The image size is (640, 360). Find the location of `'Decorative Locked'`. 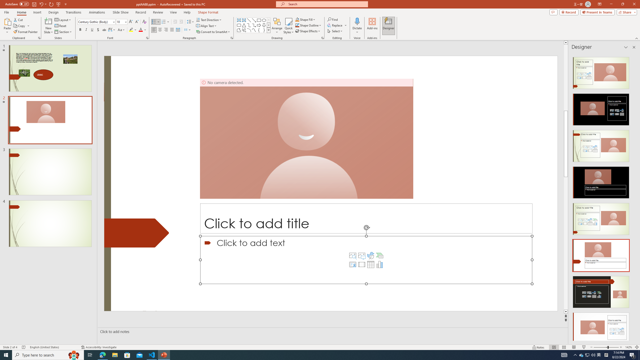

'Decorative Locked' is located at coordinates (136, 233).